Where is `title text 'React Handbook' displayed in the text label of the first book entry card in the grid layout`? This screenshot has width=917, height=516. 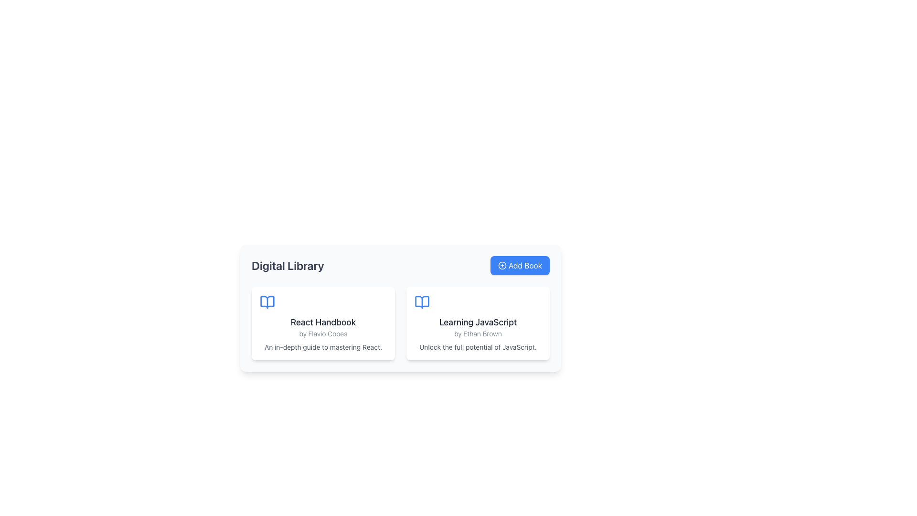 title text 'React Handbook' displayed in the text label of the first book entry card in the grid layout is located at coordinates (323, 322).